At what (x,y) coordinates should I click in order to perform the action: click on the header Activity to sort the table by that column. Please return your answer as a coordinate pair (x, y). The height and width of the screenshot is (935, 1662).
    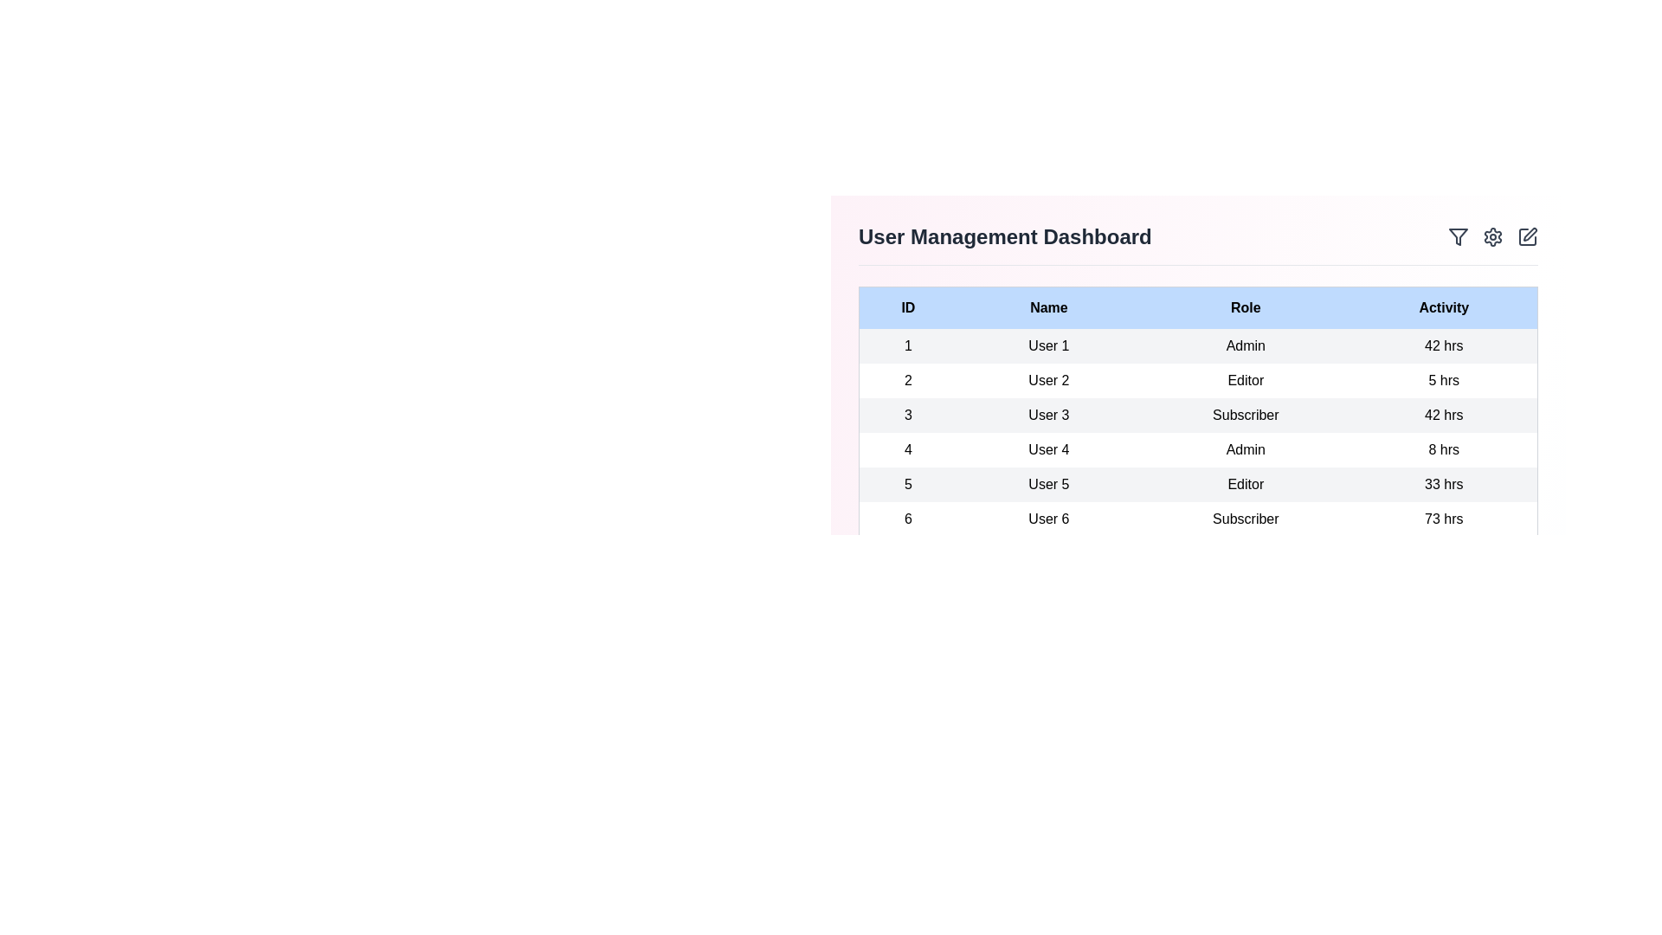
    Looking at the image, I should click on (1444, 306).